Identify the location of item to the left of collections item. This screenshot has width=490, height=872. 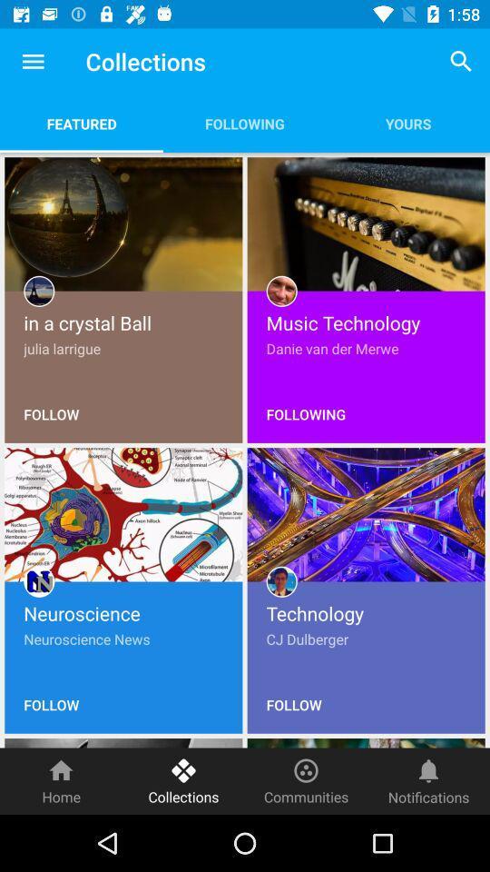
(33, 62).